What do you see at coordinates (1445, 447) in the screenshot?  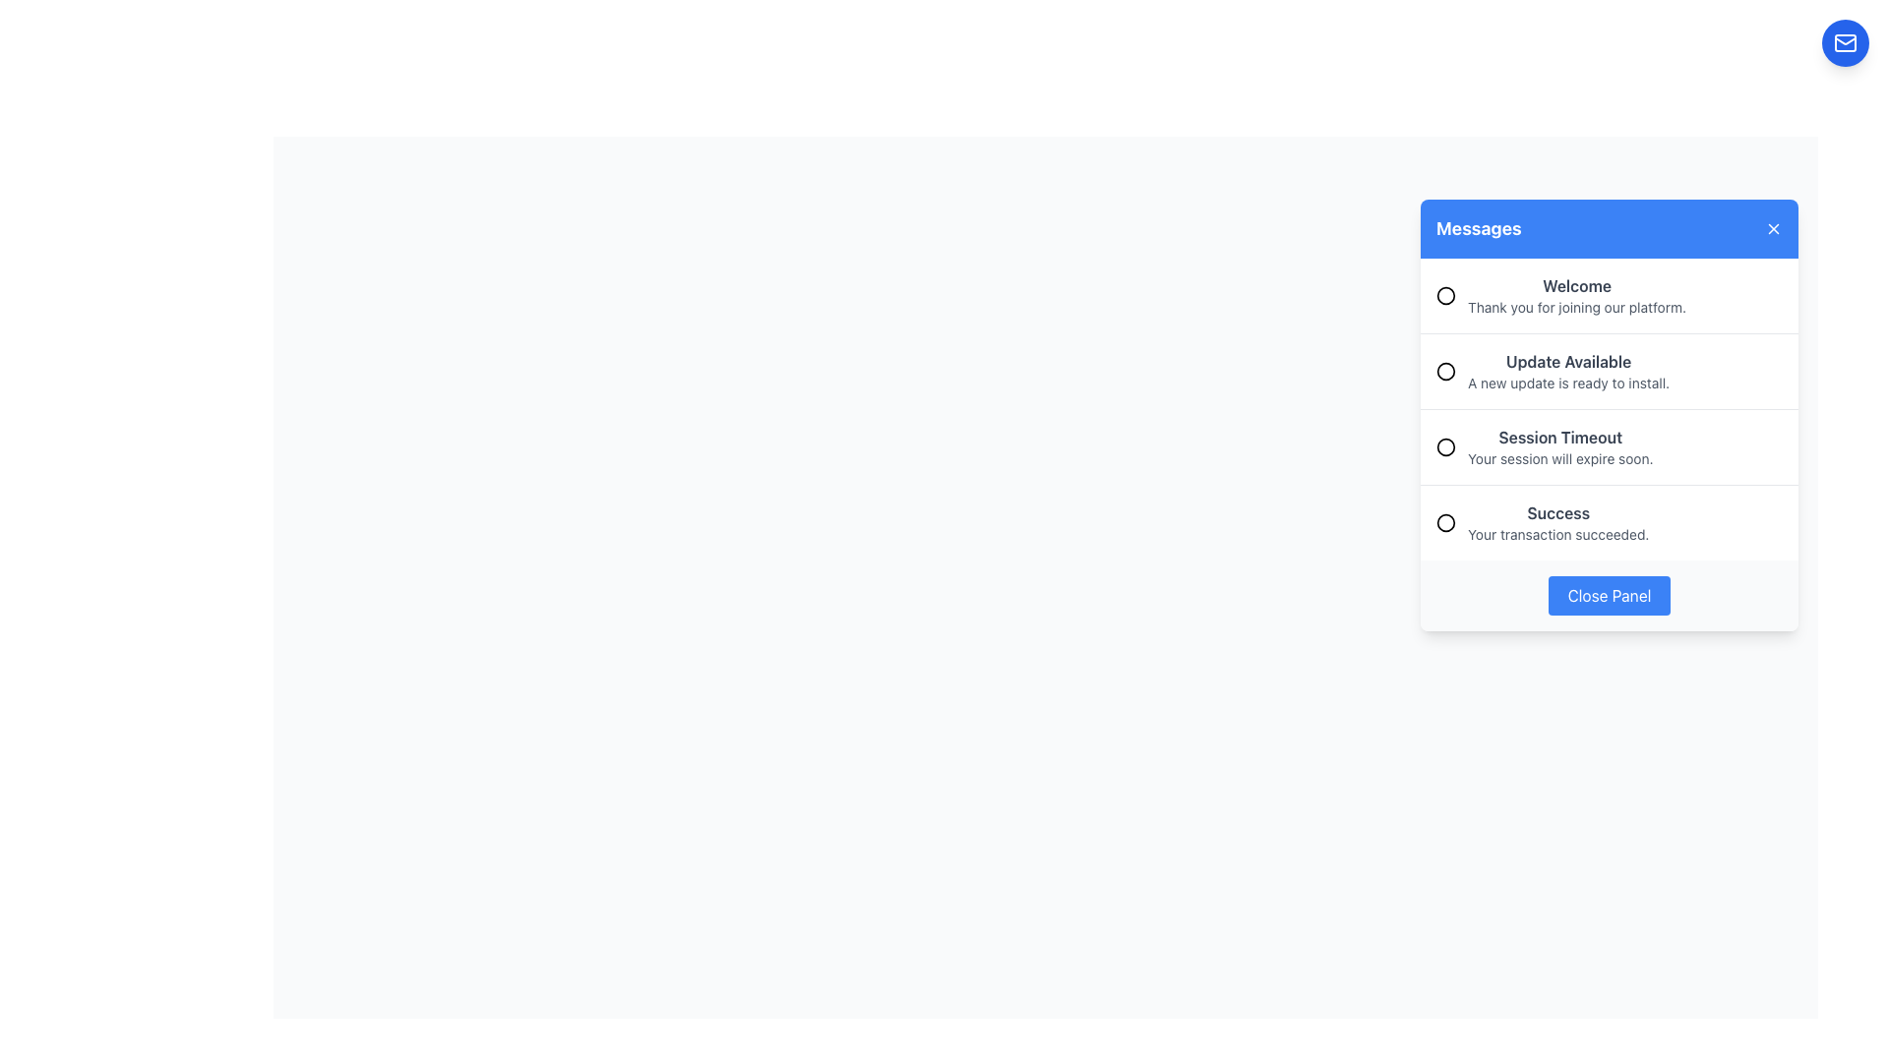 I see `the warning icon located in the third entry of the 'Messages' panel, positioned before the text 'Session Timeout' and above 'Your session will expire soon.'` at bounding box center [1445, 447].